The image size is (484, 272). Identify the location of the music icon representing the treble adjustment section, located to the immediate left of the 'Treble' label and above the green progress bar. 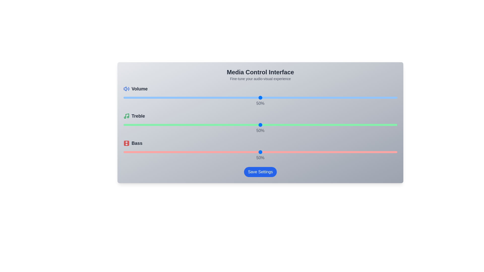
(127, 116).